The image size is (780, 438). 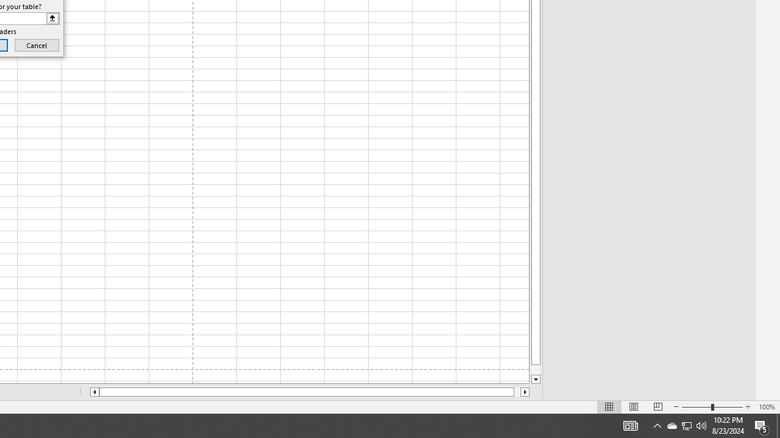 What do you see at coordinates (525, 392) in the screenshot?
I see `'Column right'` at bounding box center [525, 392].